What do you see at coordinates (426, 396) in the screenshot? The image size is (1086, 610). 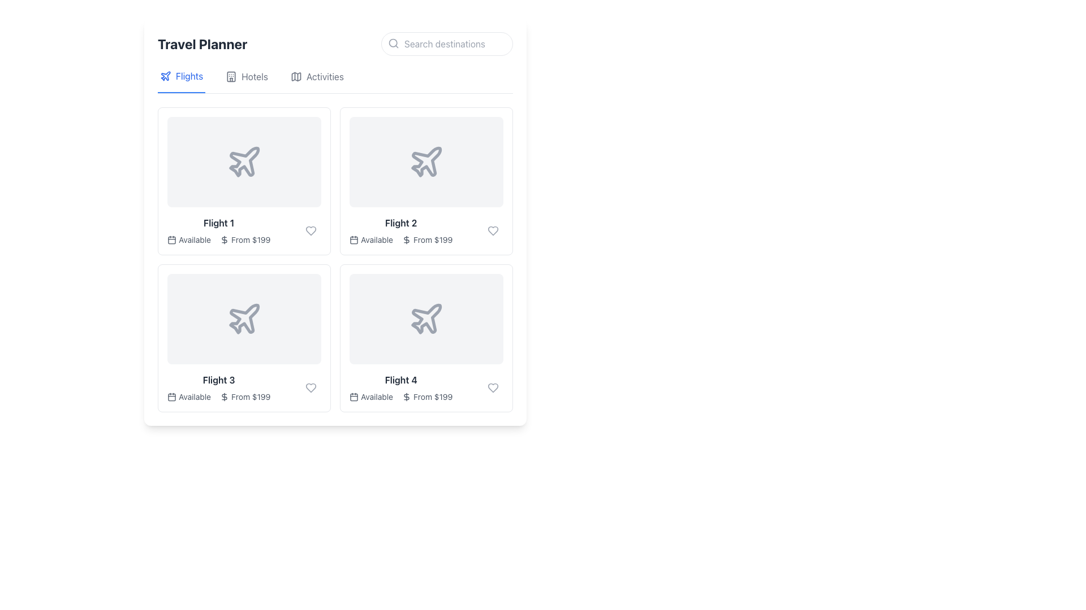 I see `the text label indicating the starting price for flight services in the lower section of the fourth travel options card` at bounding box center [426, 396].